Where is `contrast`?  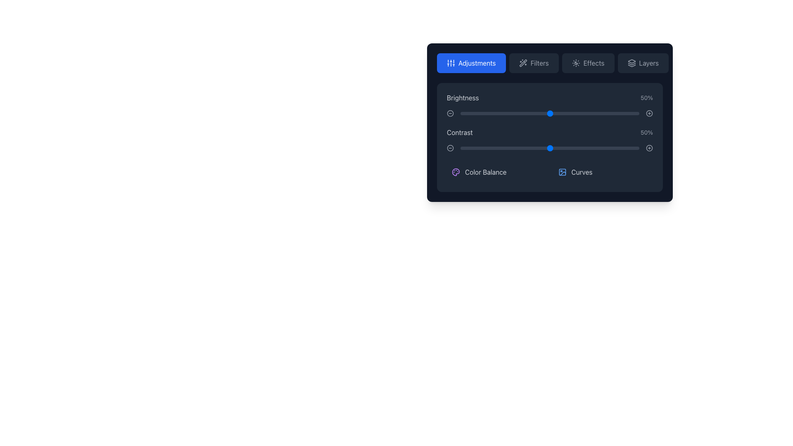 contrast is located at coordinates (544, 147).